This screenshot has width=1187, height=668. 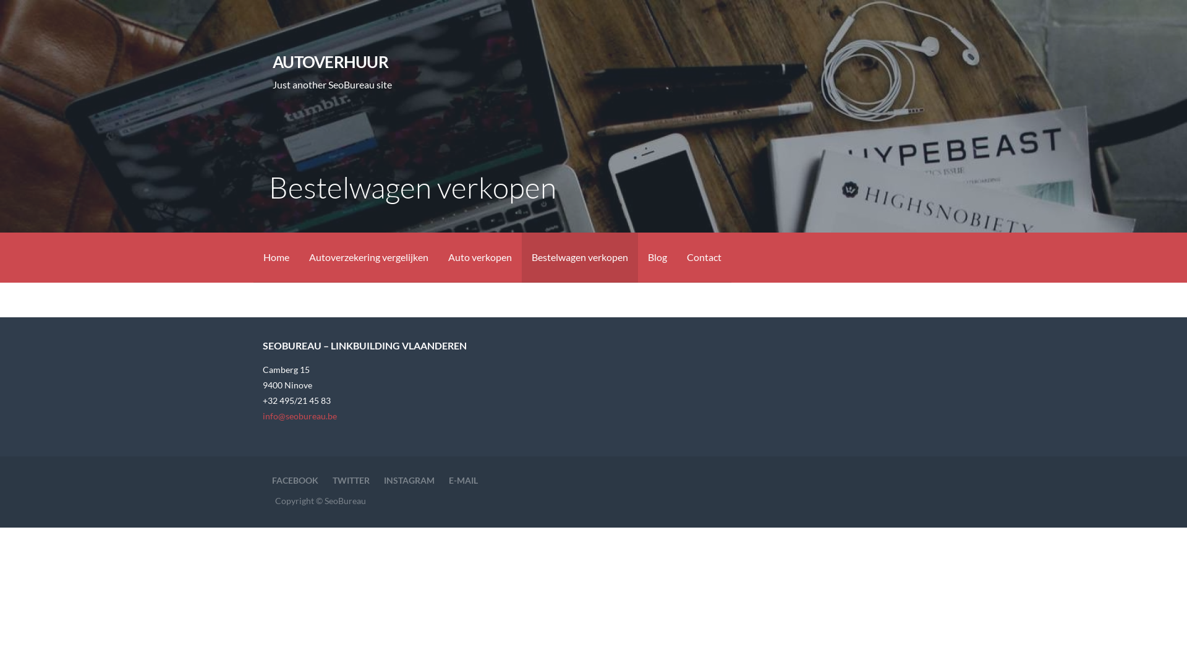 I want to click on 'Auto verkopen', so click(x=479, y=257).